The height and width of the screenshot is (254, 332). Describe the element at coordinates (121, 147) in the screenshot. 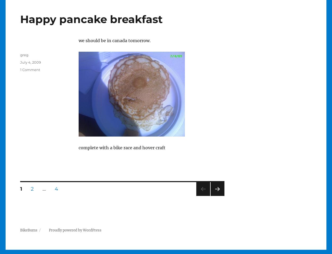

I see `'complete with a bike race and hover craft'` at that location.